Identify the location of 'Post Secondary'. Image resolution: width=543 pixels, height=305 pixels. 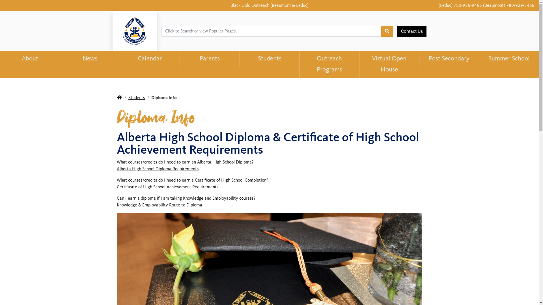
(419, 59).